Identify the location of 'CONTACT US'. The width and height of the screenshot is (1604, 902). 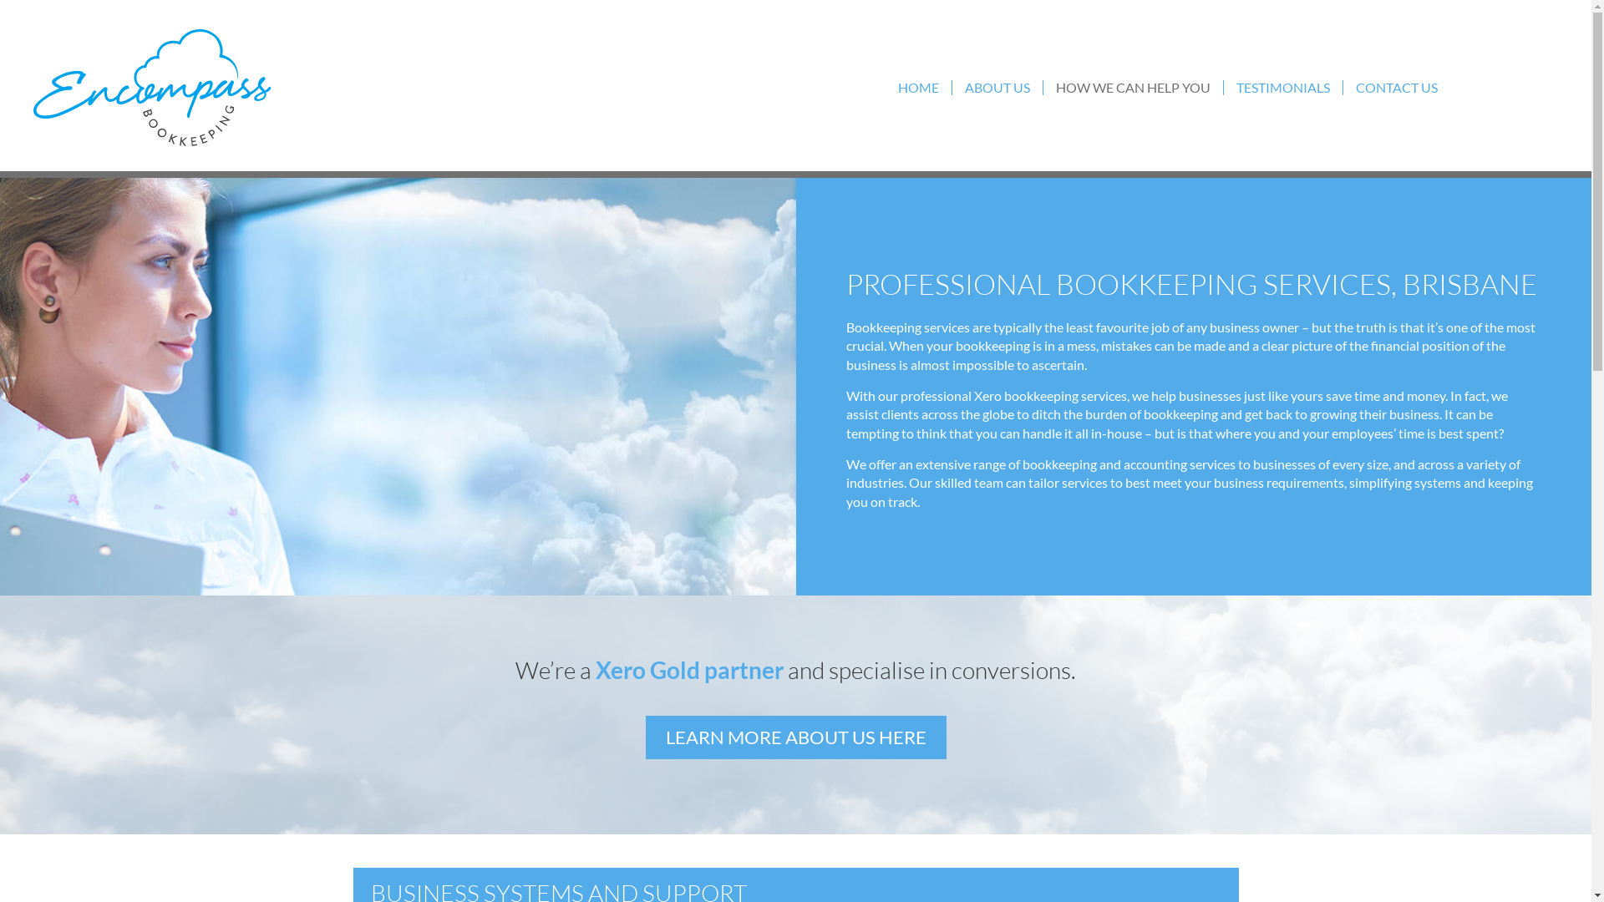
(1343, 87).